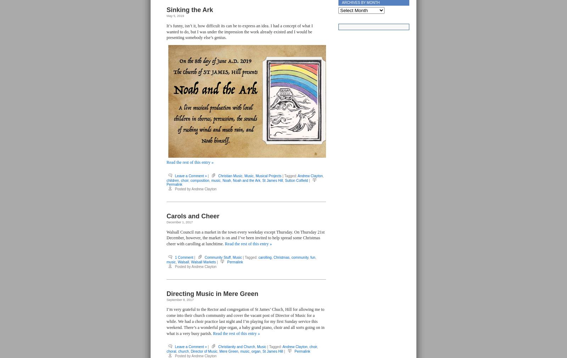  I want to click on '.', so click(414, 9).